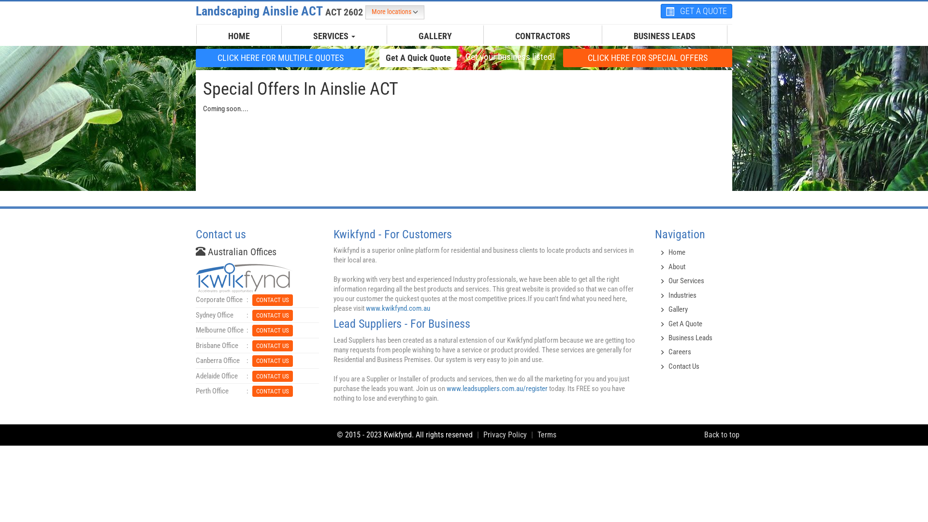  Describe the element at coordinates (690, 337) in the screenshot. I see `'Business Leads'` at that location.